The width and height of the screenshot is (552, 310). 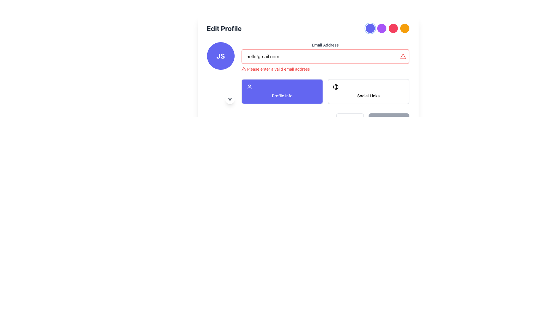 What do you see at coordinates (336, 87) in the screenshot?
I see `the globe icon, which is part of the visual representation indicating global connections, located at the top-right section of the 'Social Links' button` at bounding box center [336, 87].